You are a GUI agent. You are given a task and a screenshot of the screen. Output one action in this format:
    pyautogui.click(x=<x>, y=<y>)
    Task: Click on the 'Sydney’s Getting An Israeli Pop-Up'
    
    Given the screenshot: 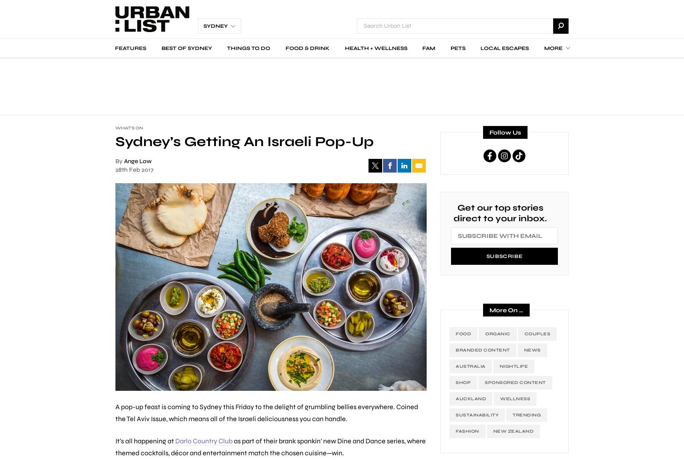 What is the action you would take?
    pyautogui.click(x=244, y=141)
    